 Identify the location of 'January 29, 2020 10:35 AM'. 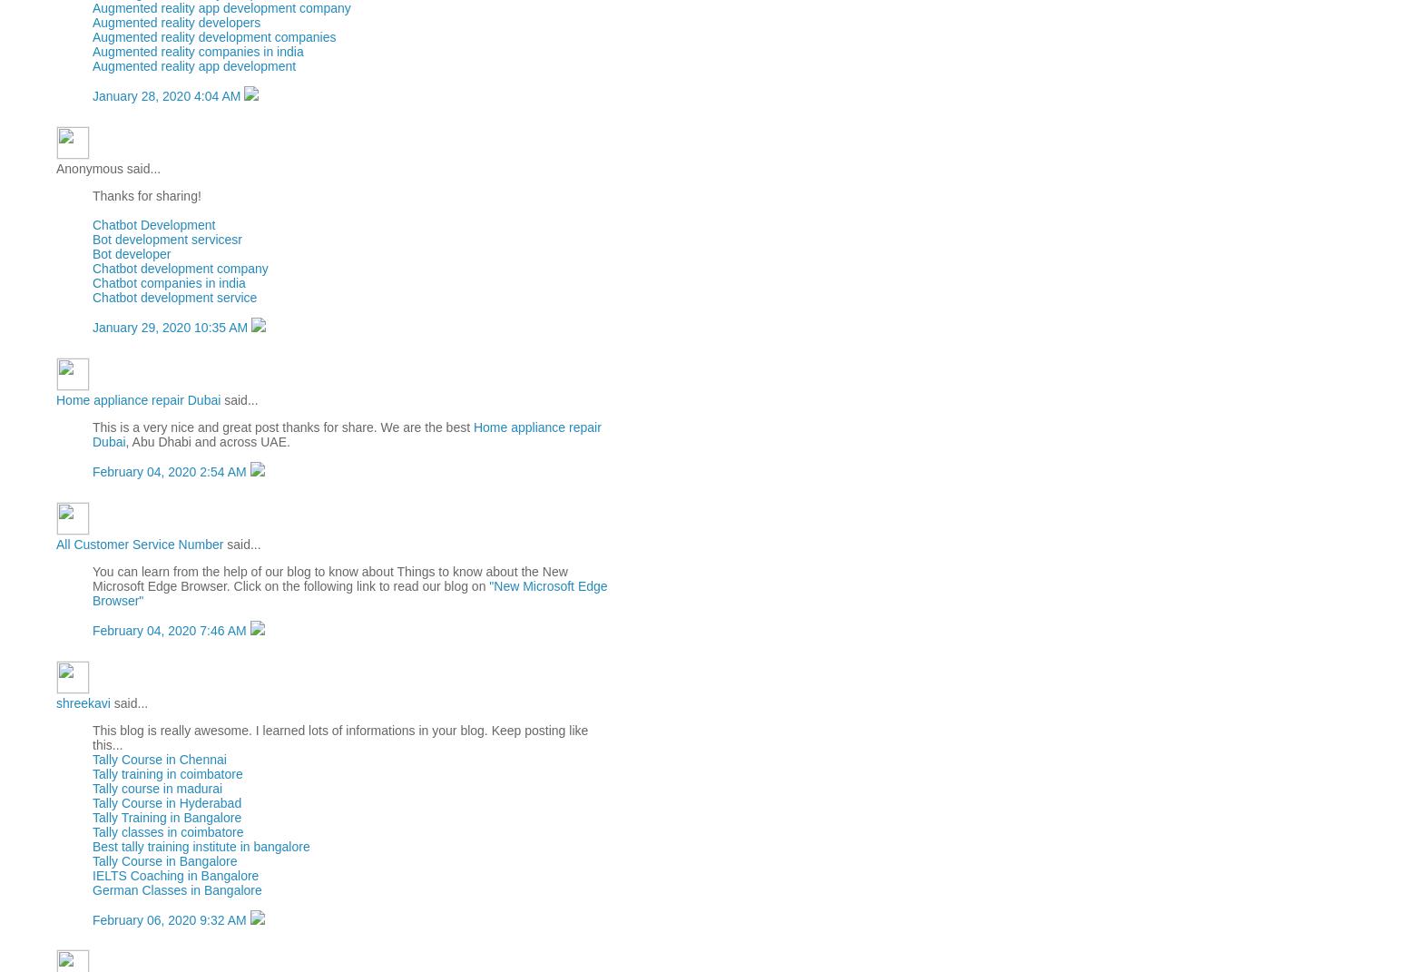
(91, 327).